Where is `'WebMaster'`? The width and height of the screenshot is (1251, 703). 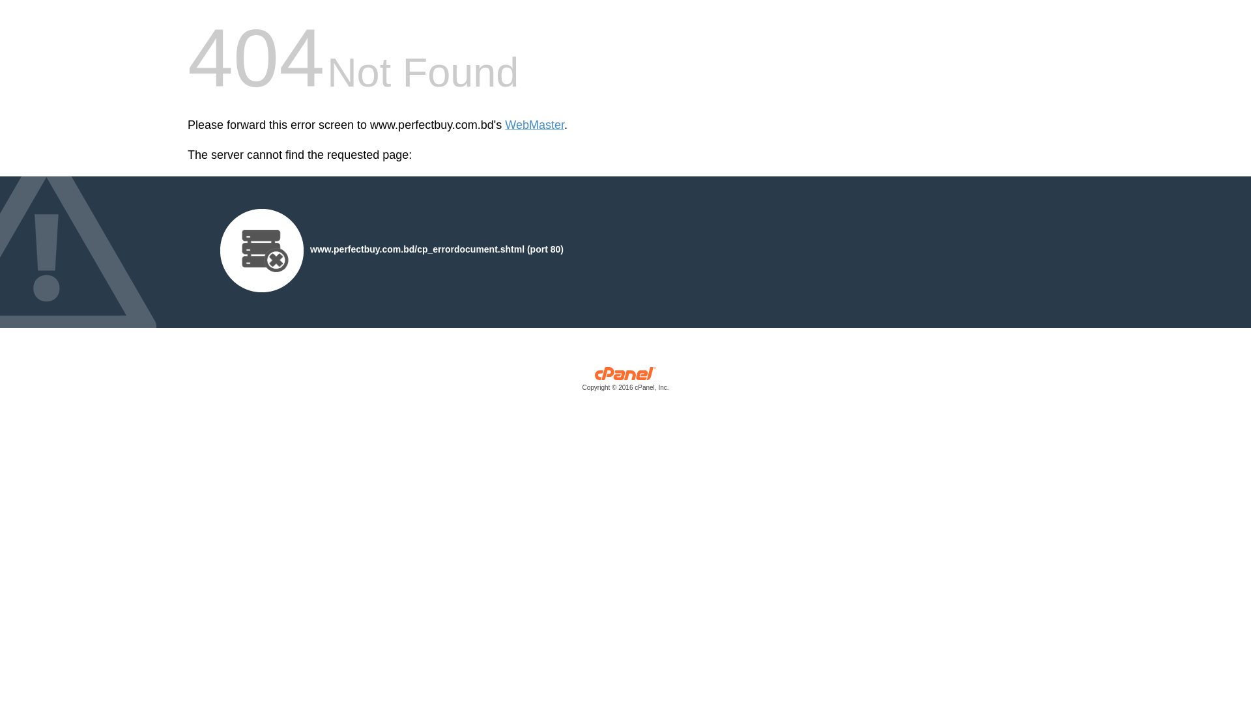 'WebMaster' is located at coordinates (534, 125).